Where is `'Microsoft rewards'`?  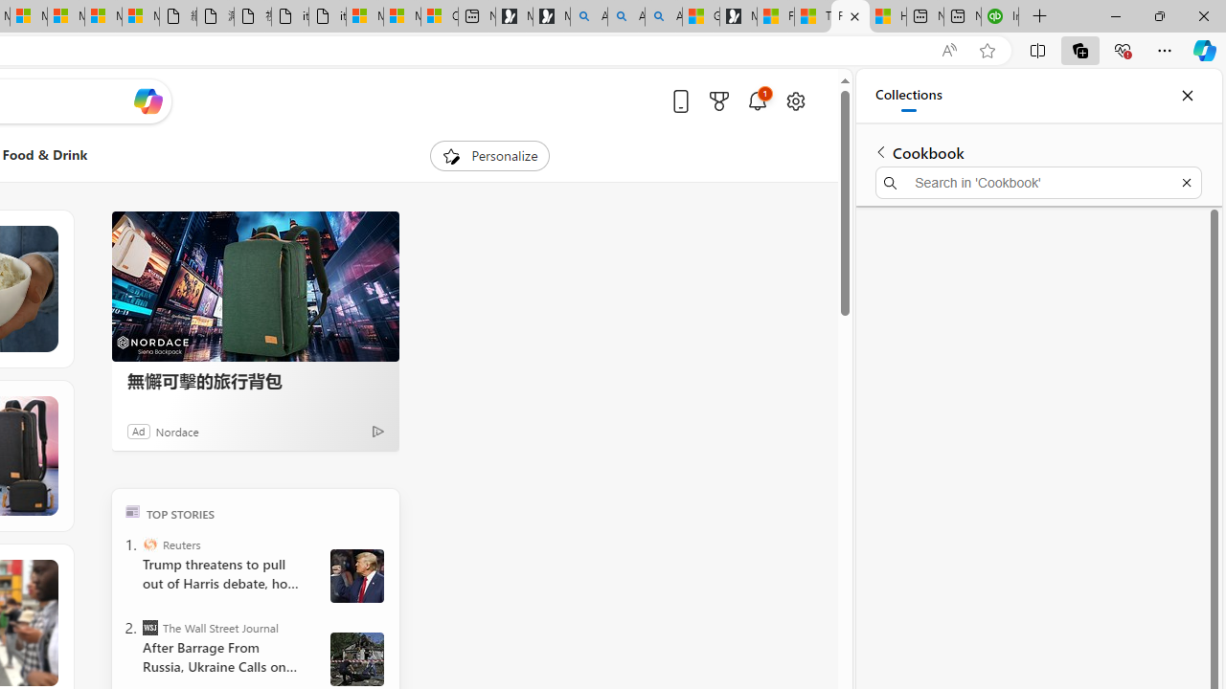
'Microsoft rewards' is located at coordinates (717, 100).